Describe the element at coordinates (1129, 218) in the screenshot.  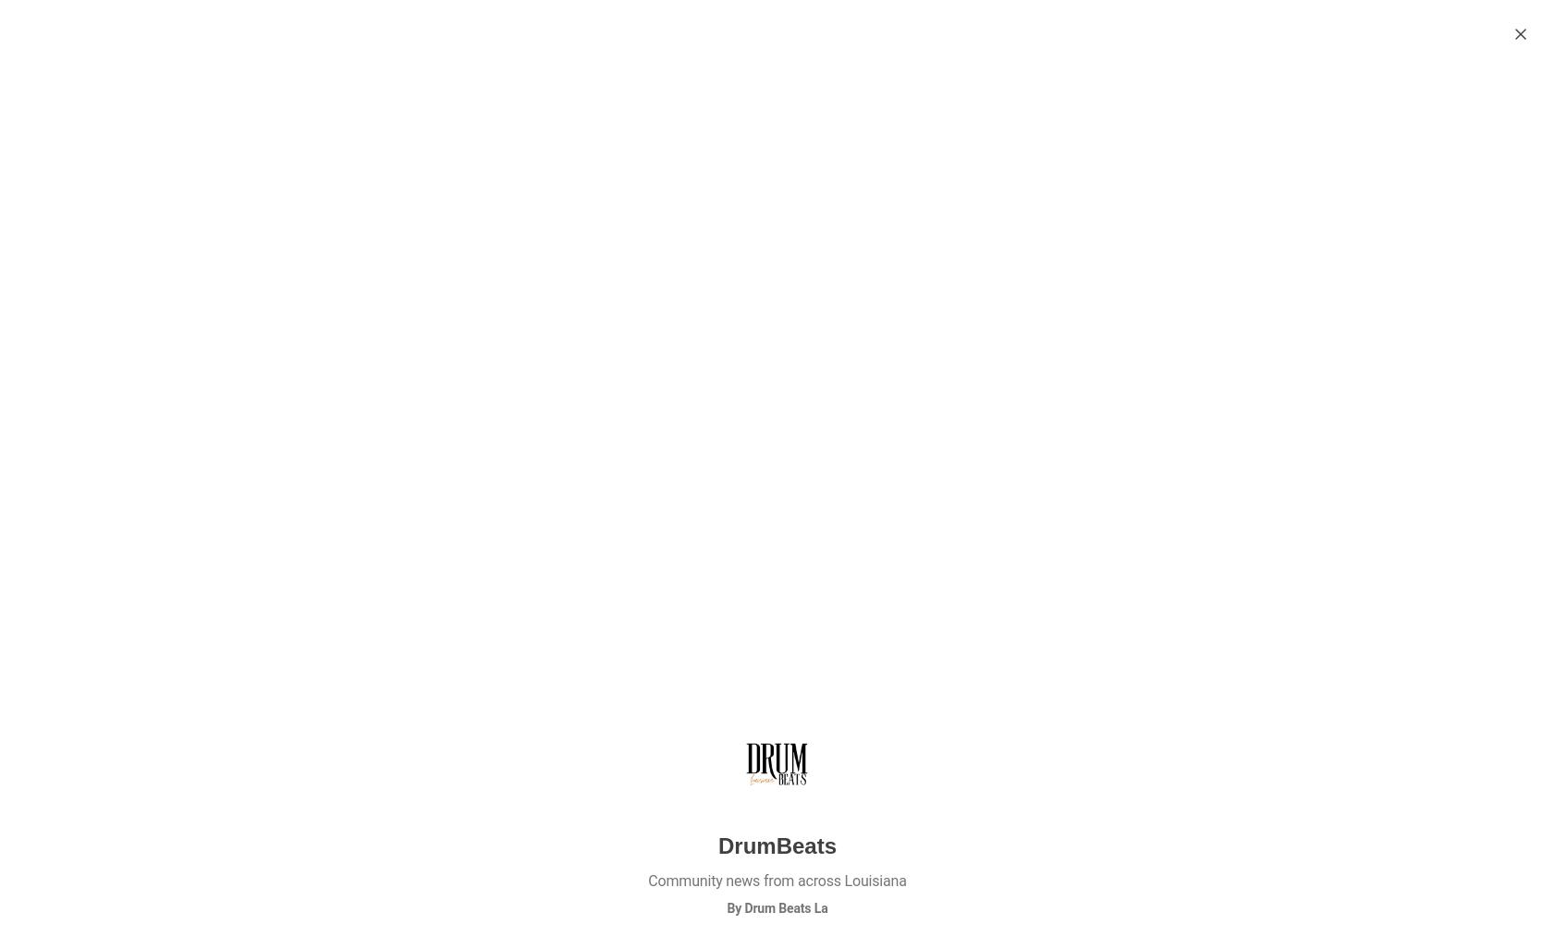
I see `'Feb 1, 2022'` at that location.